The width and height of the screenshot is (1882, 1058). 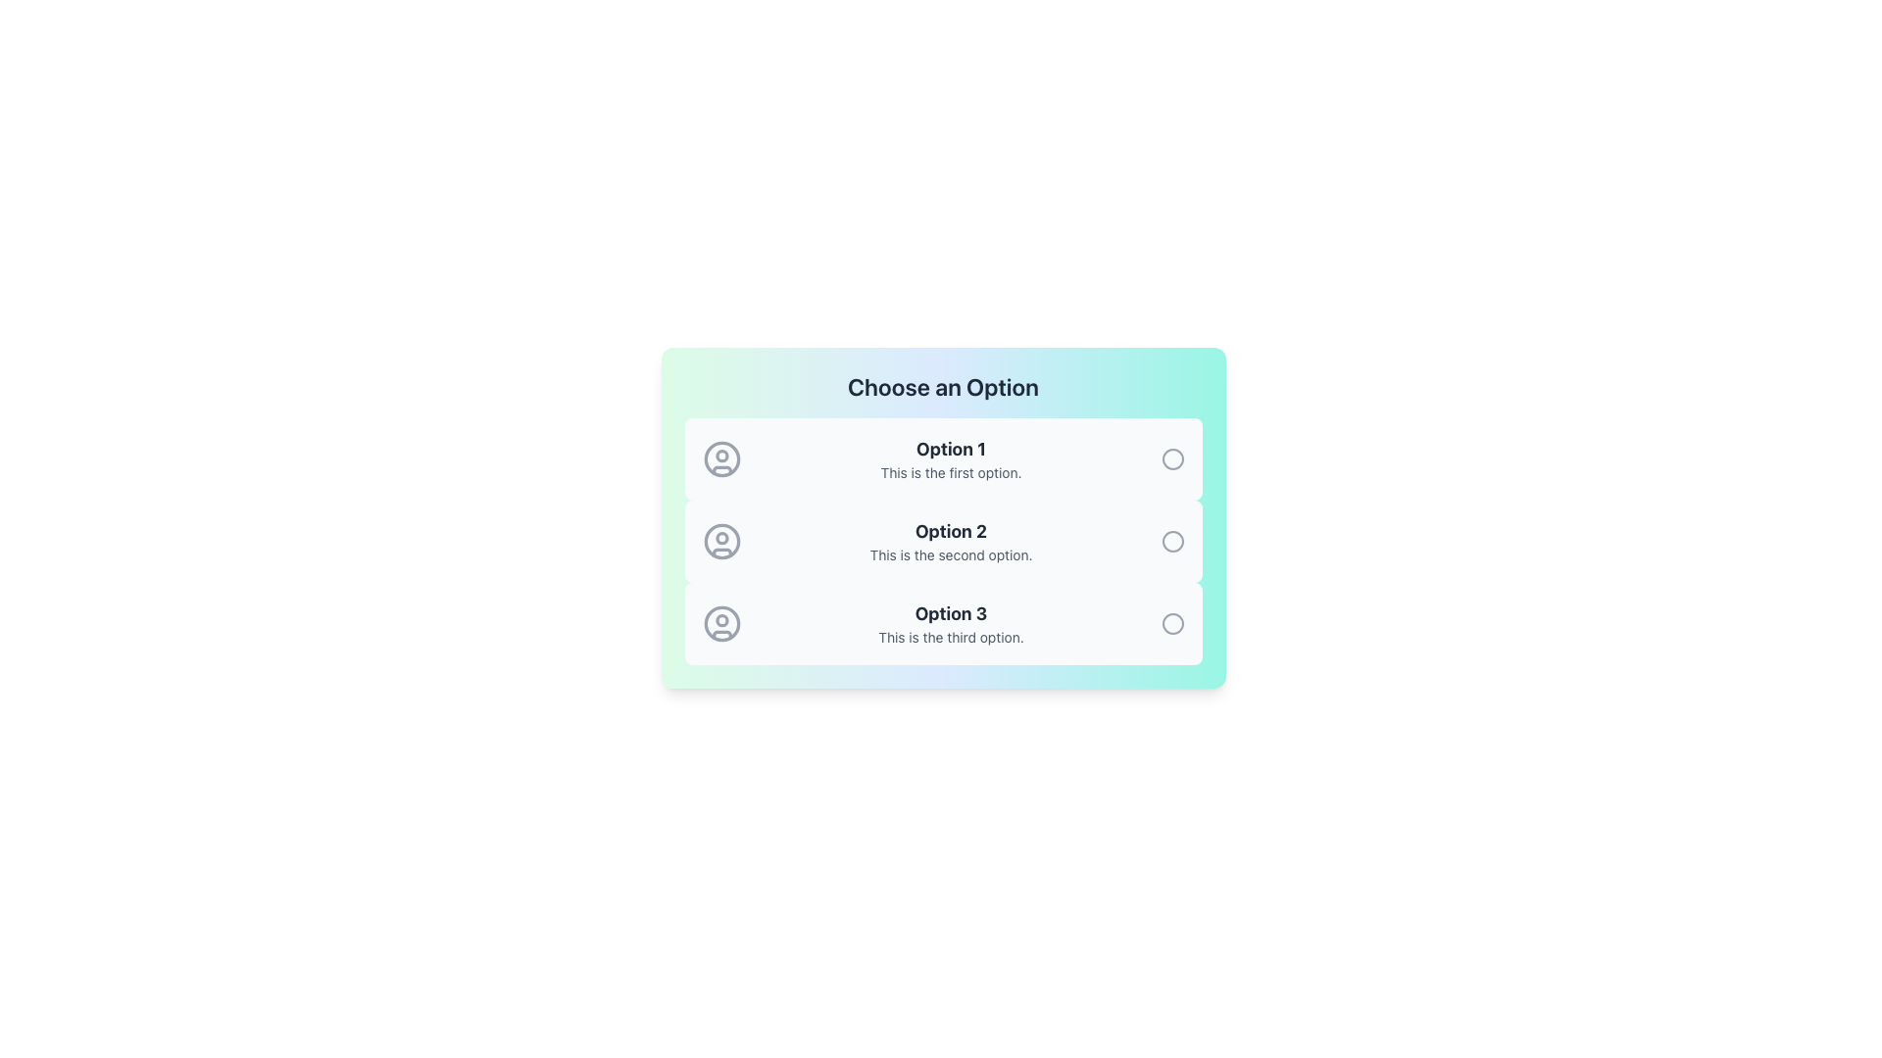 I want to click on Decorative Circle Component, which is part of the user avatar icon for the third option in the 'Choose an Option' list, located adjacent to the text 'Option 3', so click(x=720, y=620).